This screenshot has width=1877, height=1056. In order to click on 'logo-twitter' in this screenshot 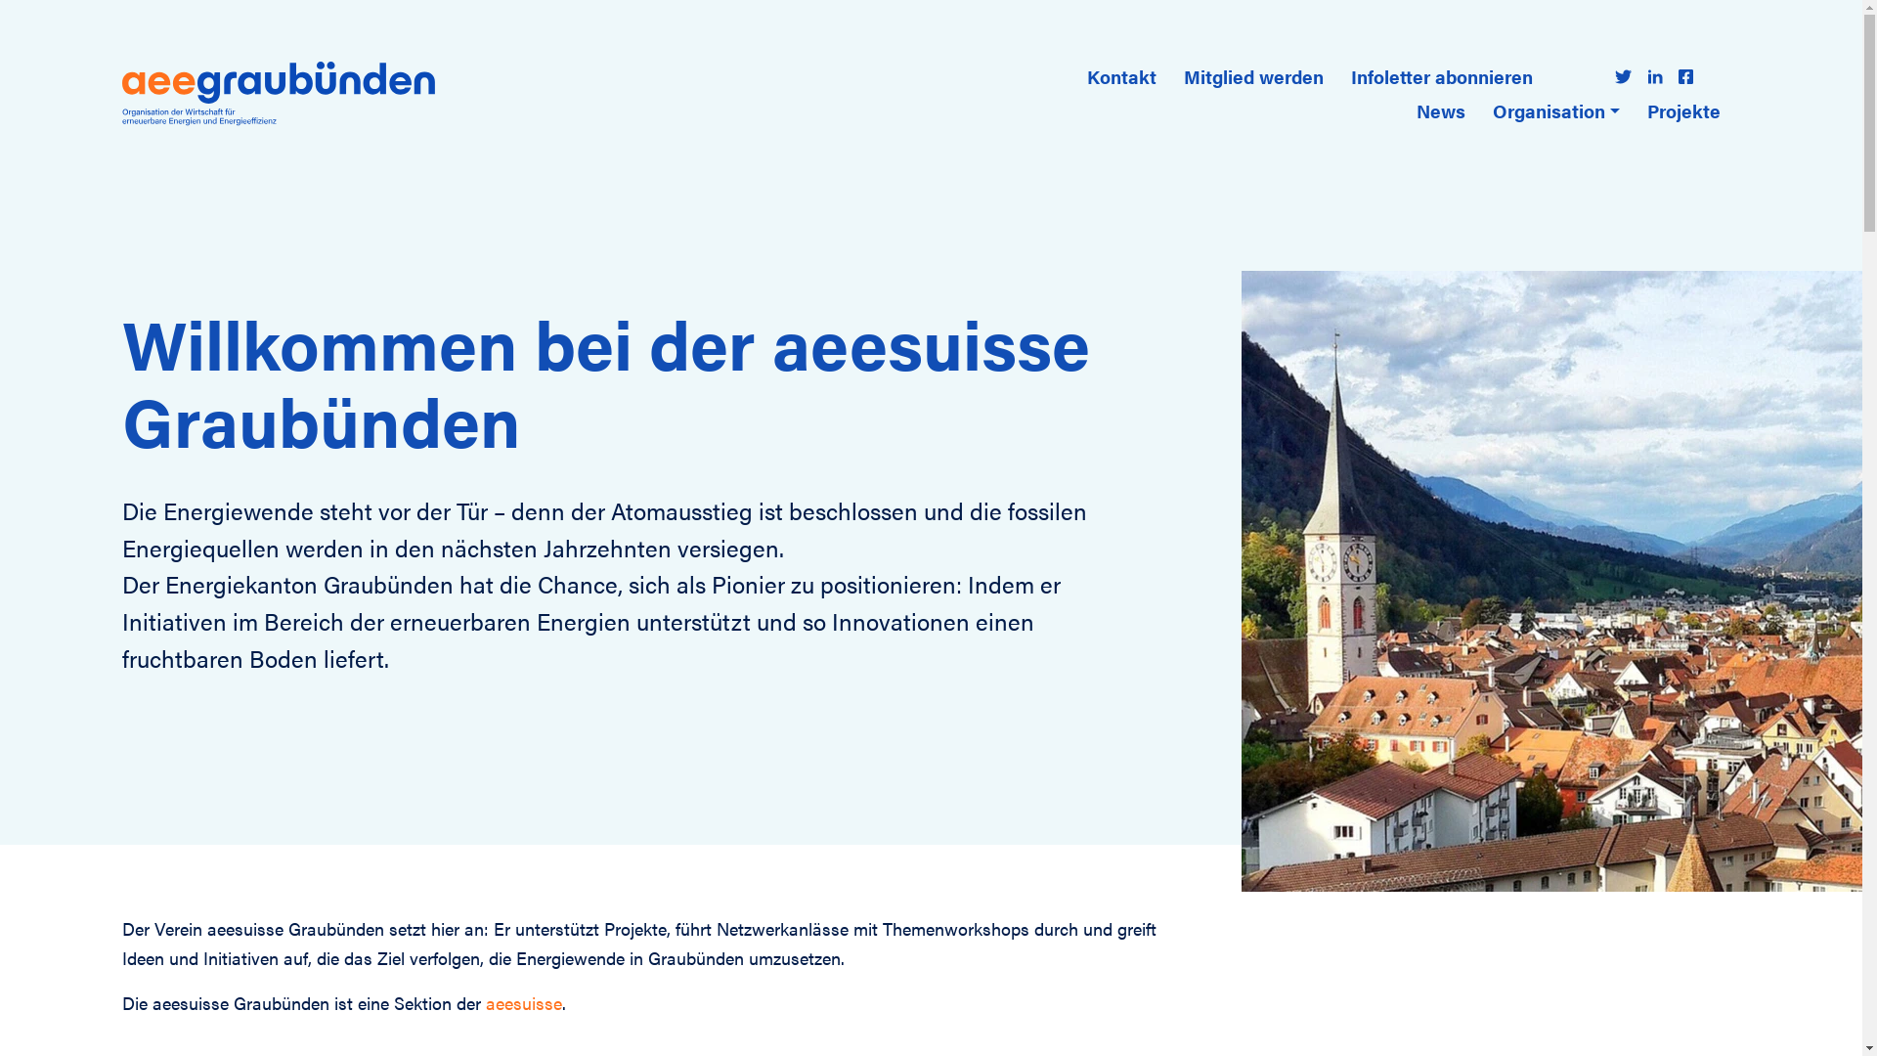, I will do `click(1623, 75)`.